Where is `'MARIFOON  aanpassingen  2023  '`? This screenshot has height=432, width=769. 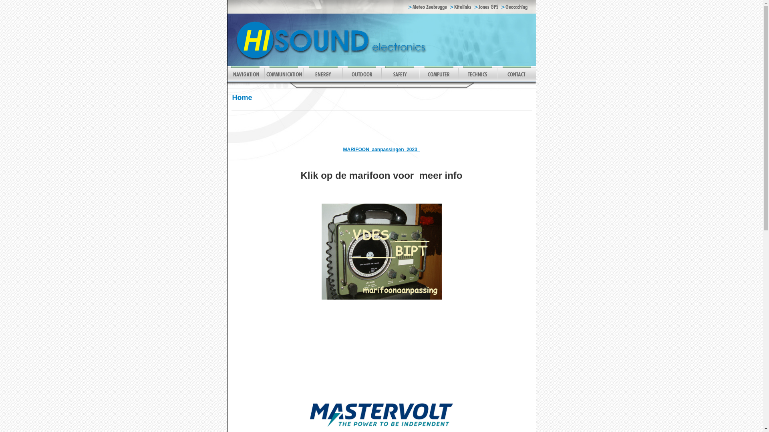 'MARIFOON  aanpassingen  2023  ' is located at coordinates (380, 152).